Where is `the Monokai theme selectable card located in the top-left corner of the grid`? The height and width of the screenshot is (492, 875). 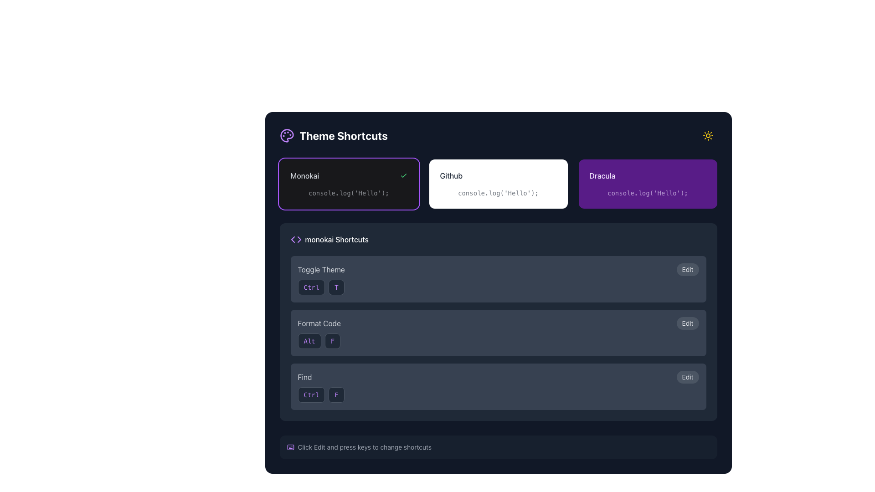 the Monokai theme selectable card located in the top-left corner of the grid is located at coordinates (348, 184).